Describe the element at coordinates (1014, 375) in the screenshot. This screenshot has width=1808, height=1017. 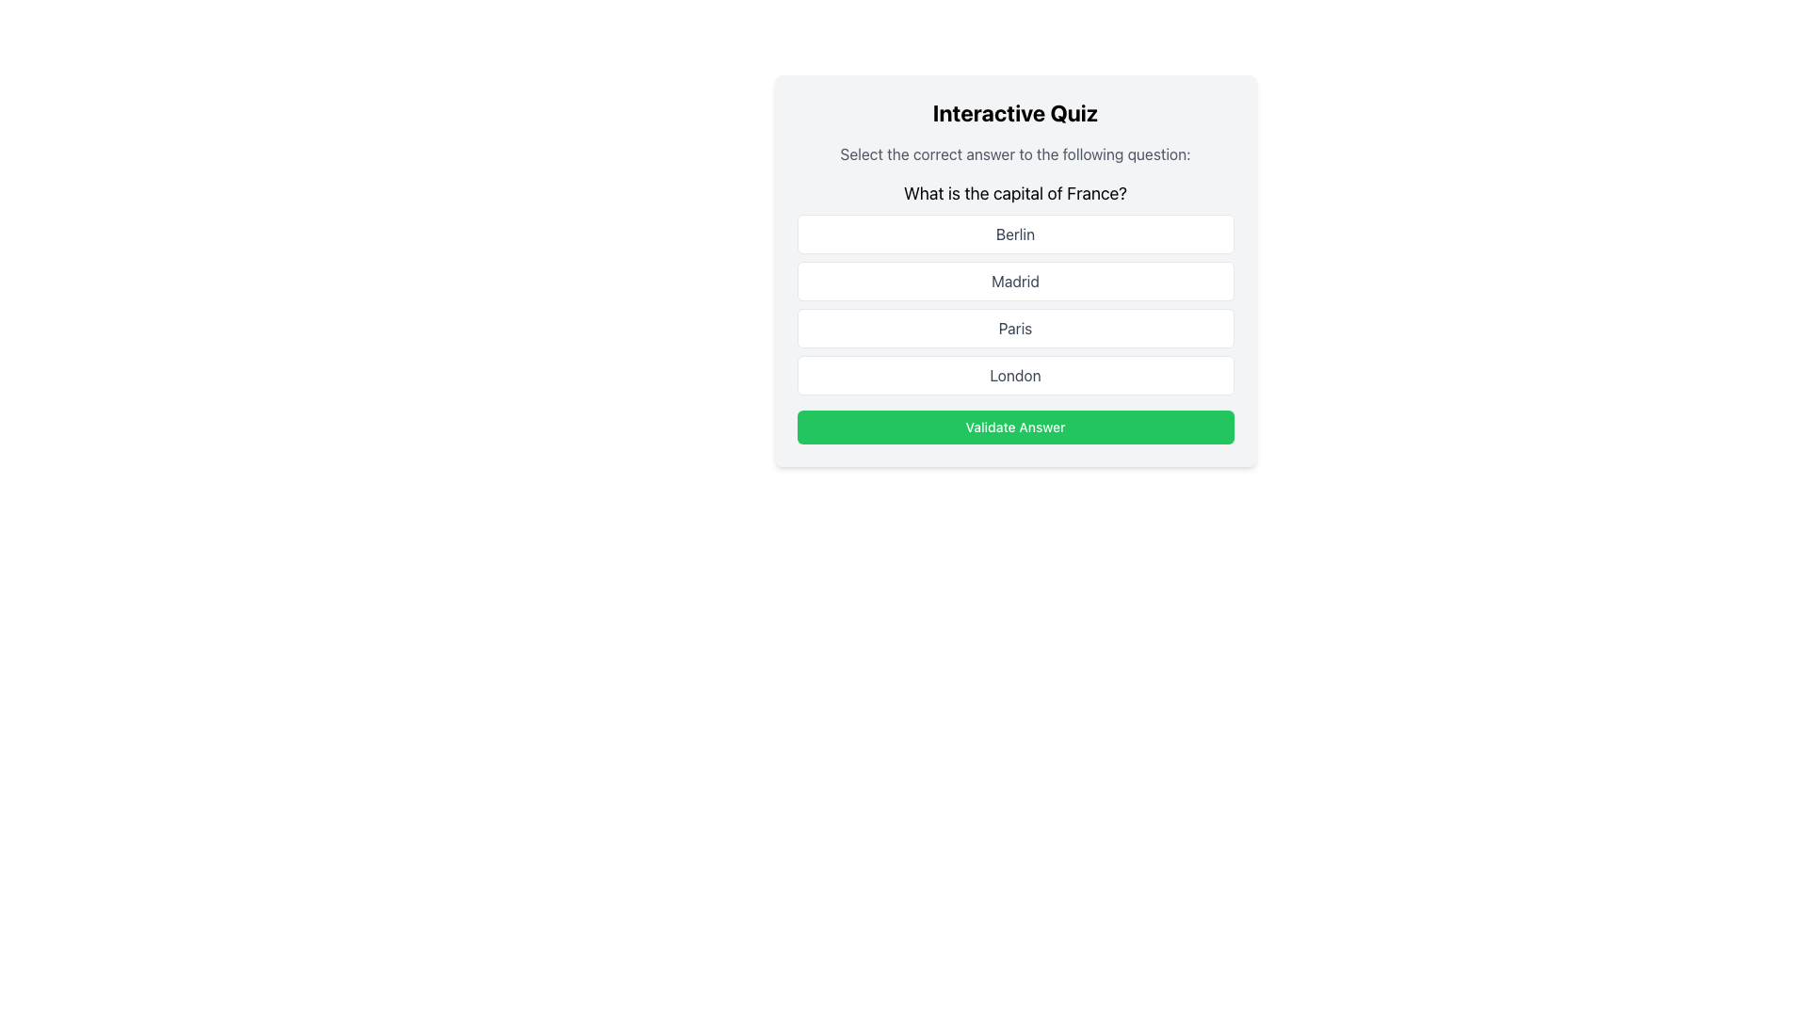
I see `the 'London' button, which is the last button in a vertical list and features a white background with rounded corners and dark gray text` at that location.